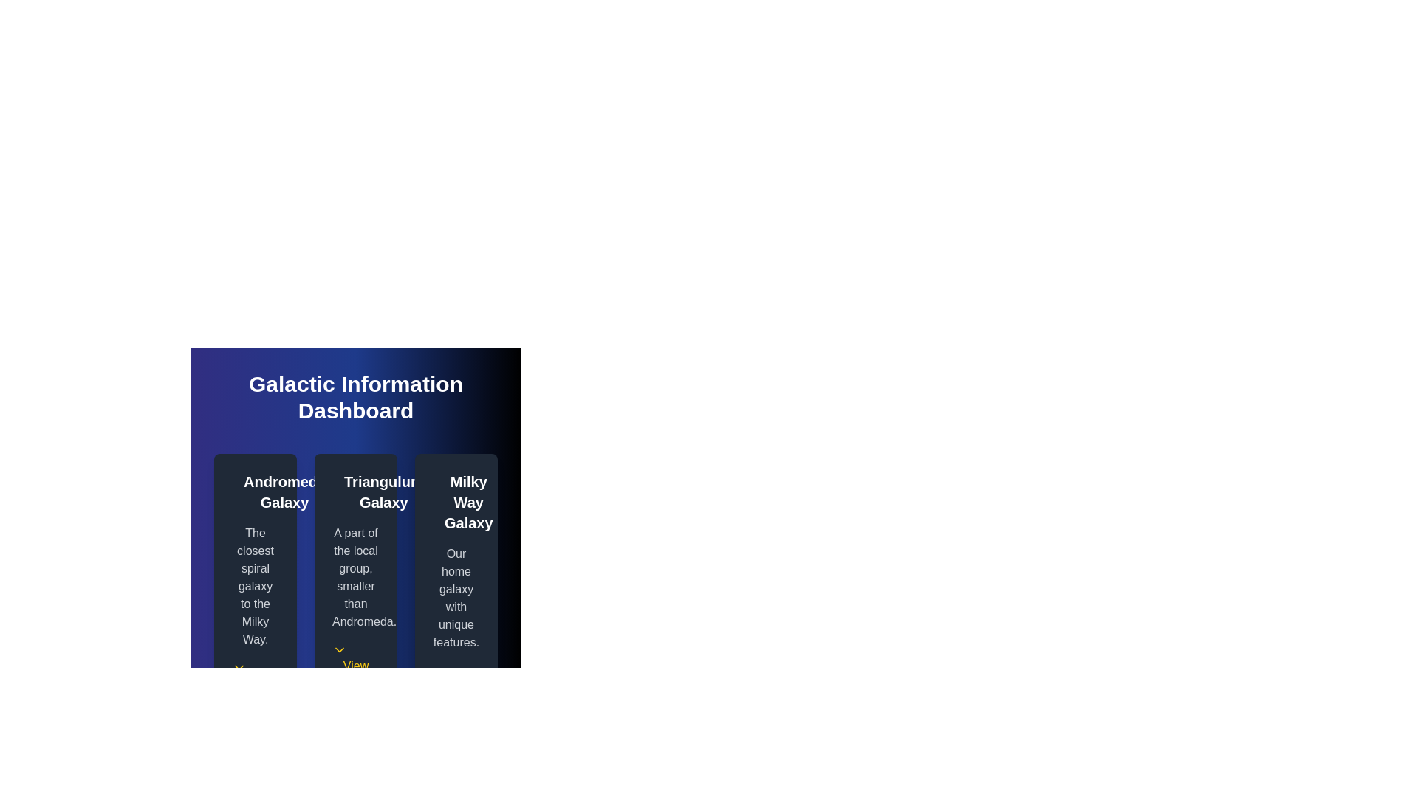  I want to click on the Informational card titled 'Triangulum Galaxy', which features a dark gray background, rounded corners, and a golden 'View Details' link at the bottom, so click(355, 591).